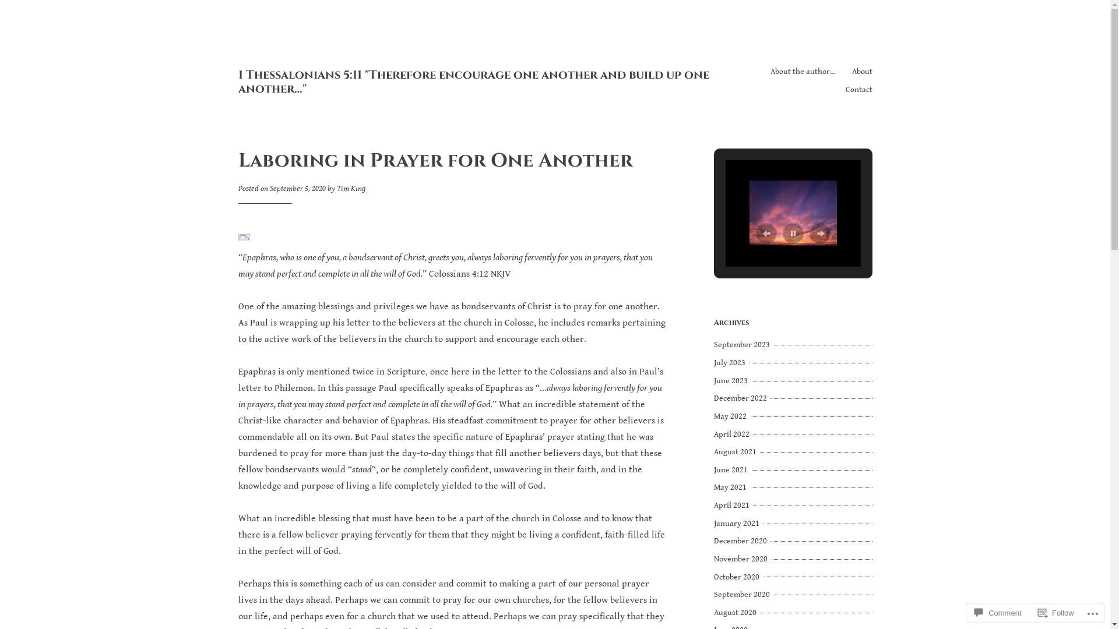 The height and width of the screenshot is (629, 1119). Describe the element at coordinates (713, 397) in the screenshot. I see `'December 2022'` at that location.